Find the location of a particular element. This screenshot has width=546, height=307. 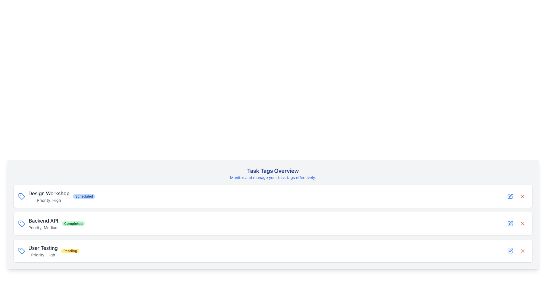

the red 'X' icon button located on the far right side of the third row is located at coordinates (523, 196).